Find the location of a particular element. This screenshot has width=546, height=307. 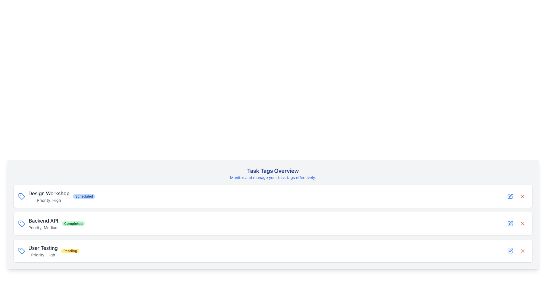

the red 'X' icon button located on the far right side of the third row is located at coordinates (523, 196).